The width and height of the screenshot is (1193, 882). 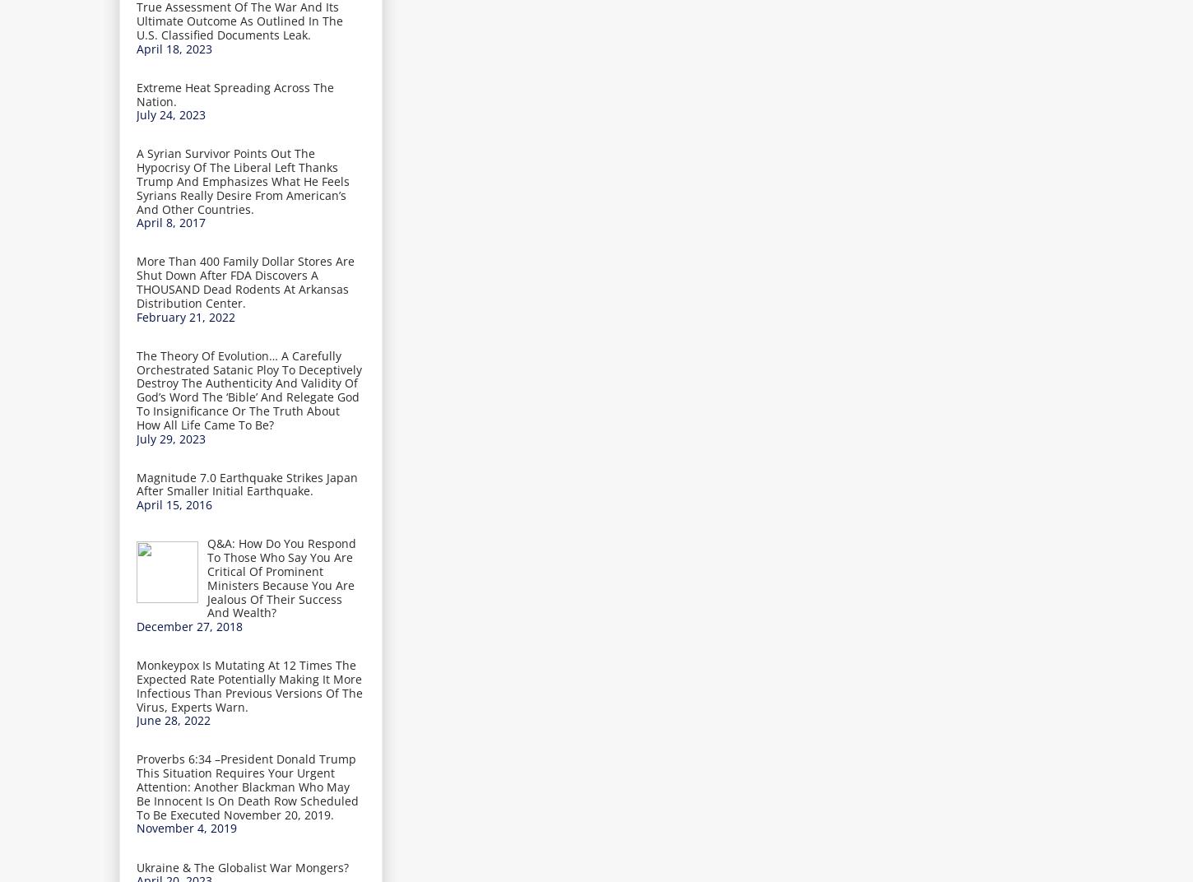 What do you see at coordinates (248, 786) in the screenshot?
I see `'Proverbs 6:34 –President Donald Trump This Situation Requires Your Urgent Attention: Another Blackman Who May Be Innocent Is On Death Row Scheduled To Be Executed November 20, 2019.'` at bounding box center [248, 786].